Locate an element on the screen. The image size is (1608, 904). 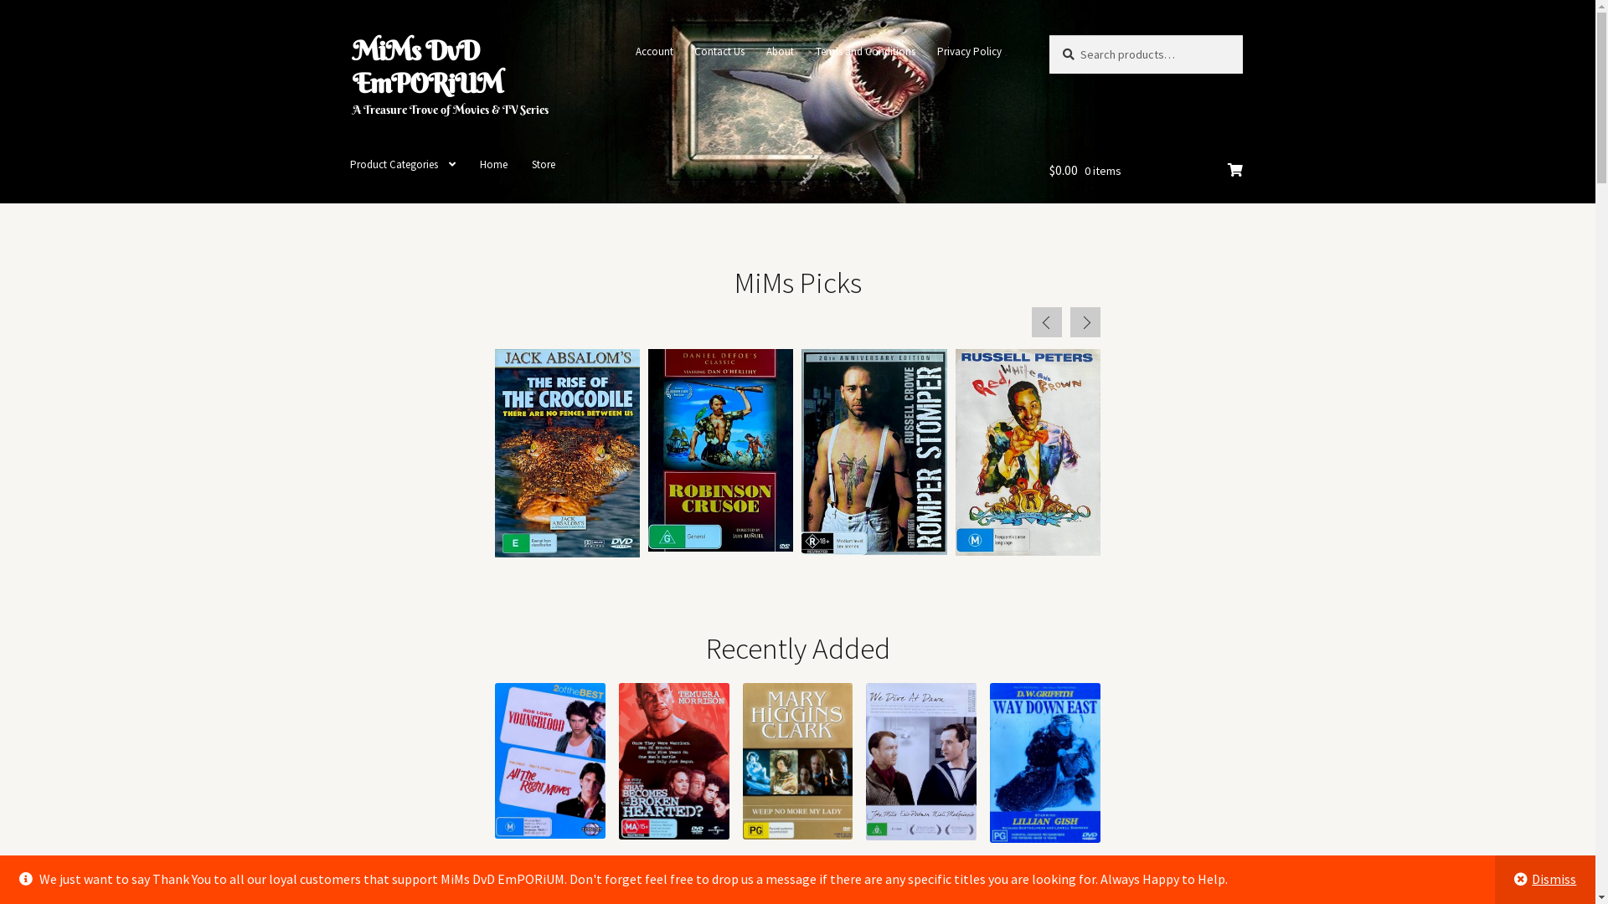
'Store' is located at coordinates (543, 164).